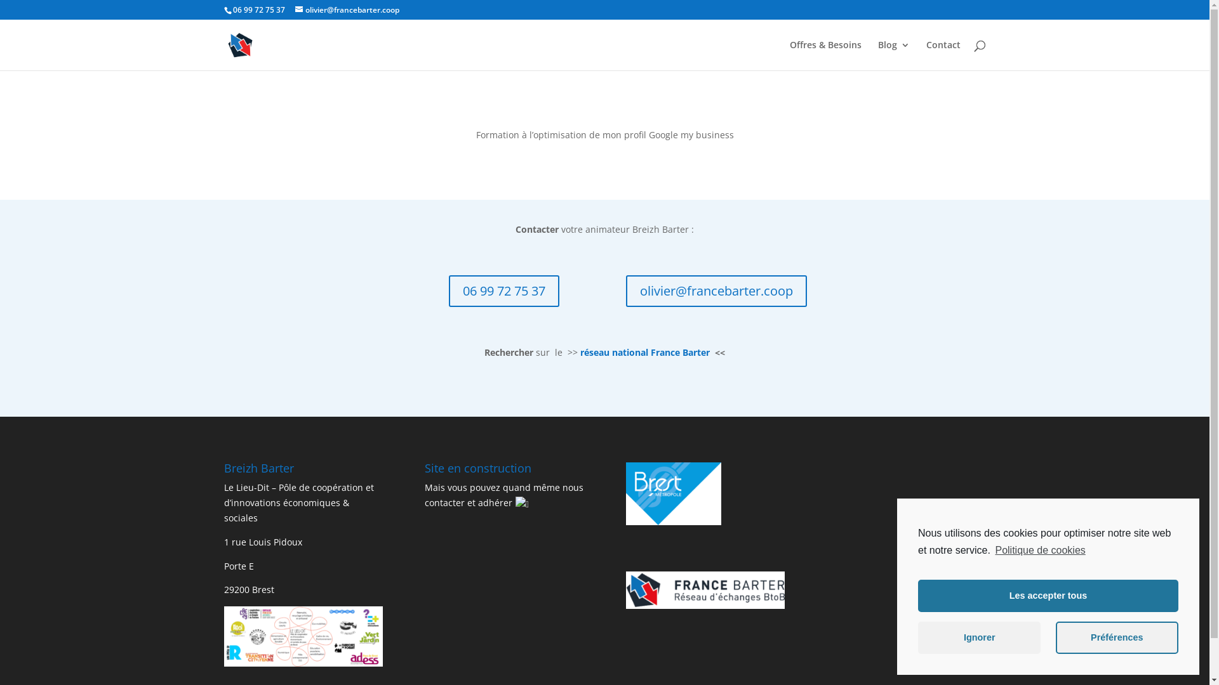 The width and height of the screenshot is (1219, 685). I want to click on 'Les accepter tous', so click(1048, 596).